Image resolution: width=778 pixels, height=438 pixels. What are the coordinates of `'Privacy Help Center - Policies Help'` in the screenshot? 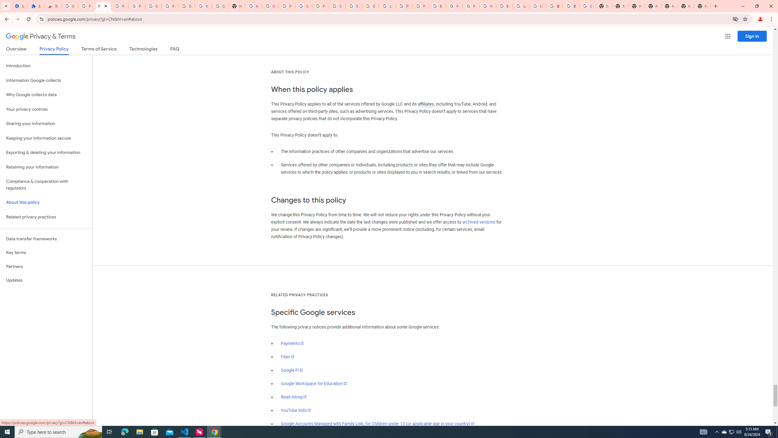 It's located at (404, 6).